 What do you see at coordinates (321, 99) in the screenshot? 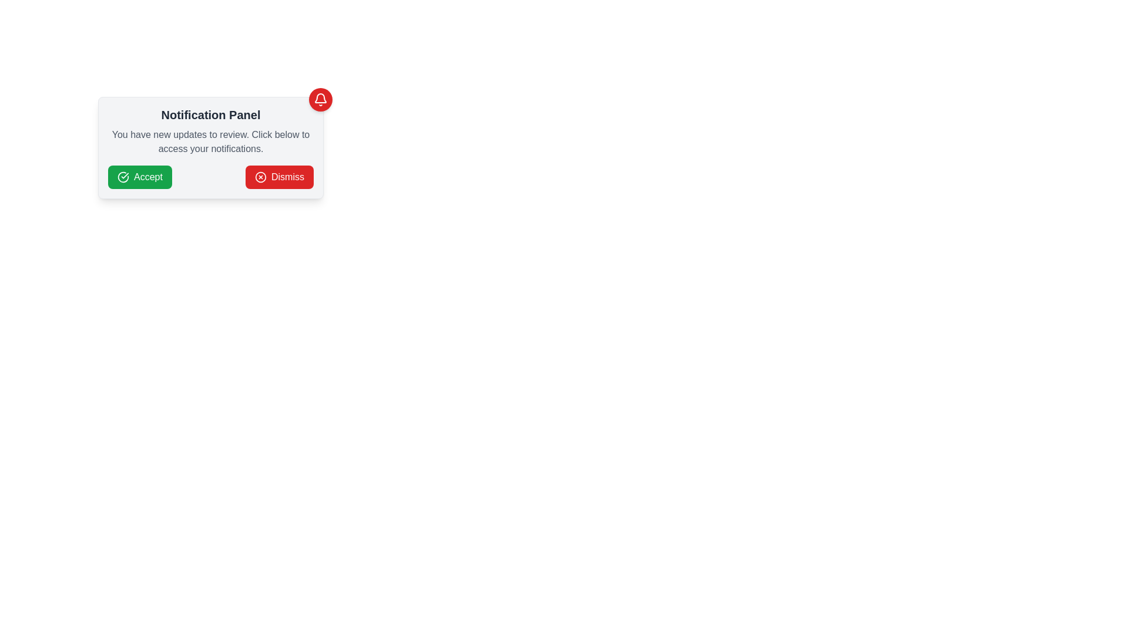
I see `the bell-shaped notification icon with a red circular background located at the upper-right corner of the notification panel to interact` at bounding box center [321, 99].